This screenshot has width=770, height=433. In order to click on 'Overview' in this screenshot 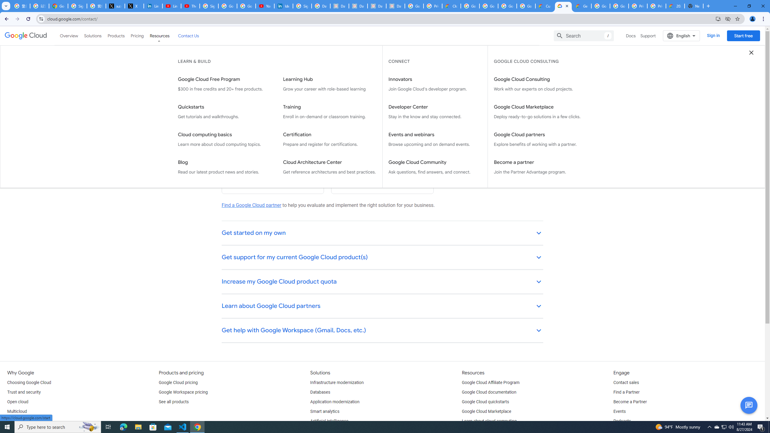, I will do `click(69, 35)`.